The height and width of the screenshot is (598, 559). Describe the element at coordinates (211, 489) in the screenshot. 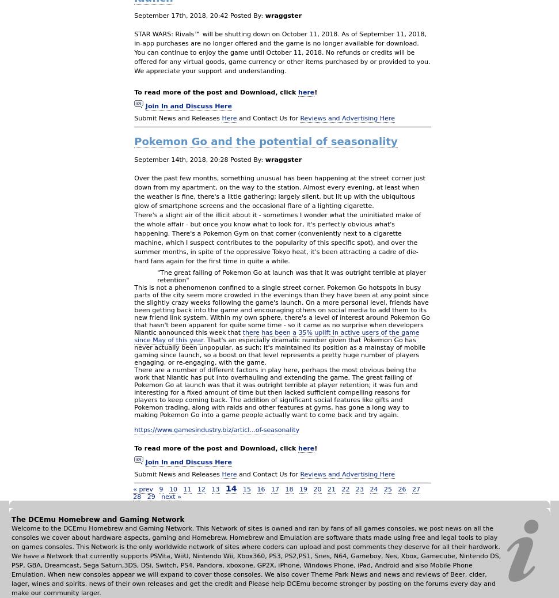

I see `'13'` at that location.